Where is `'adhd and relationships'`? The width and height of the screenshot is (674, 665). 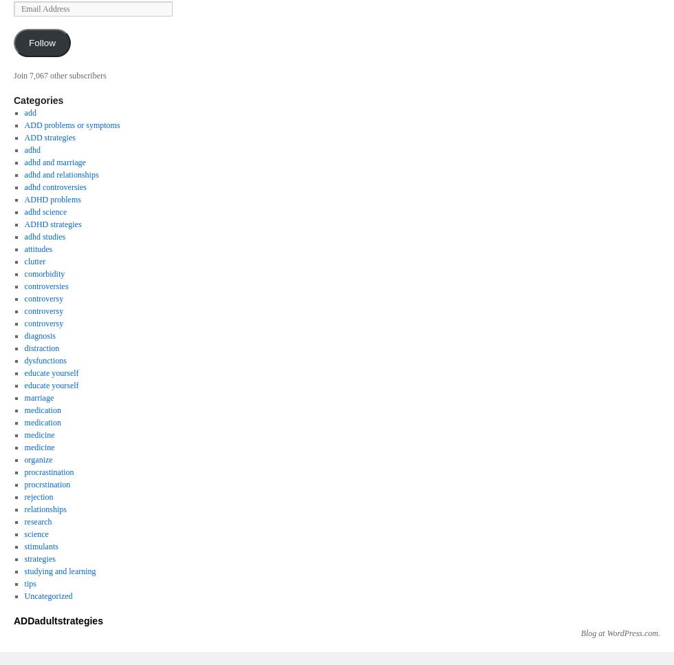 'adhd and relationships' is located at coordinates (61, 173).